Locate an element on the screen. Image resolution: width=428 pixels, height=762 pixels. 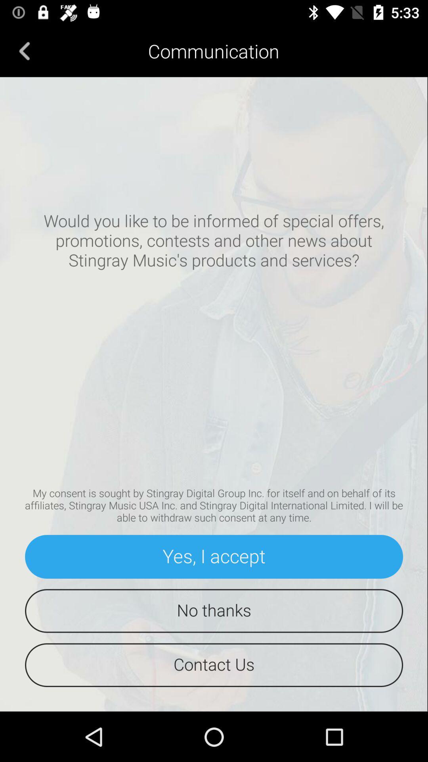
the arrow_backward icon is located at coordinates (24, 50).